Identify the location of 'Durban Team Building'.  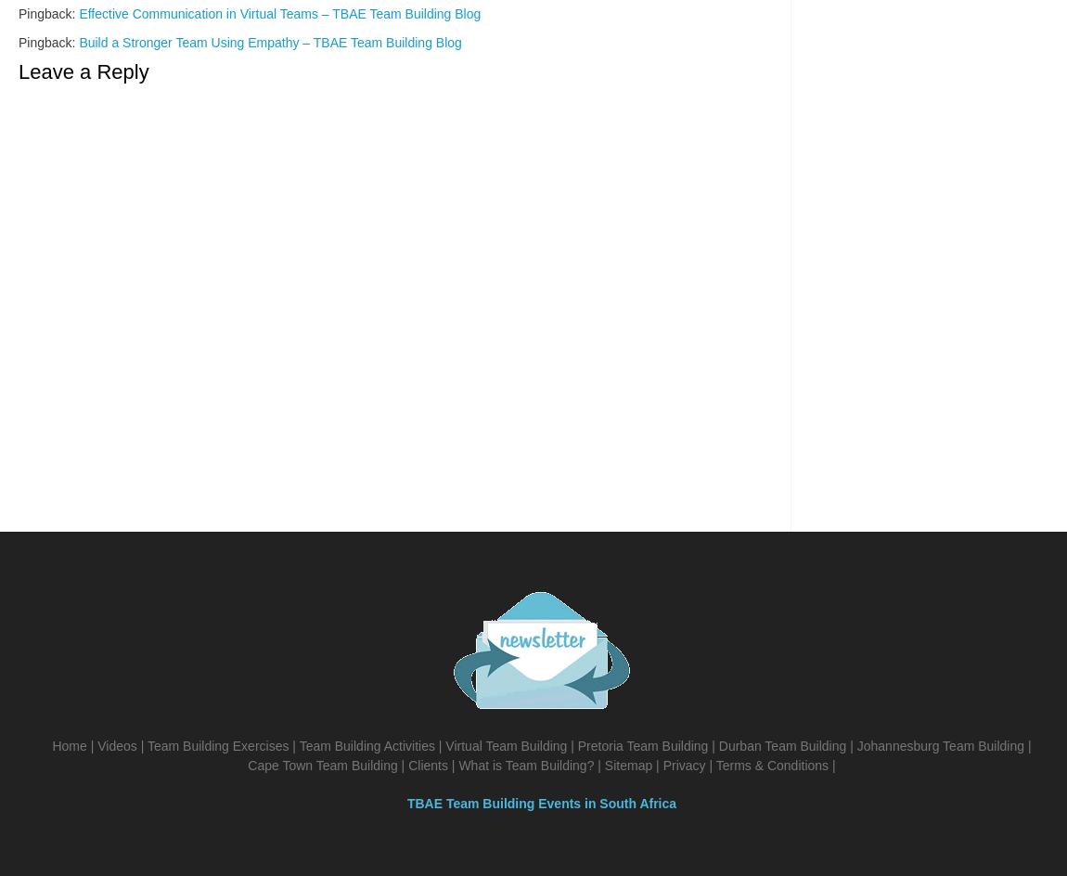
(780, 745).